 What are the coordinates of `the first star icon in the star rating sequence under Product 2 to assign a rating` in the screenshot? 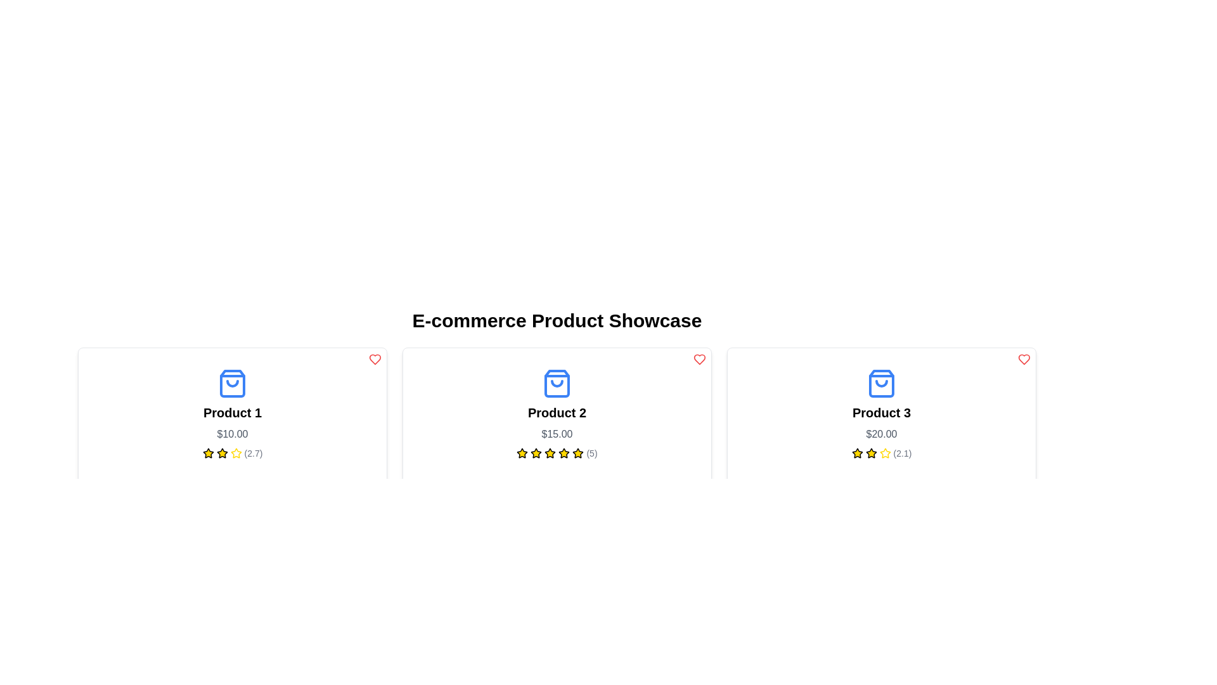 It's located at (522, 452).